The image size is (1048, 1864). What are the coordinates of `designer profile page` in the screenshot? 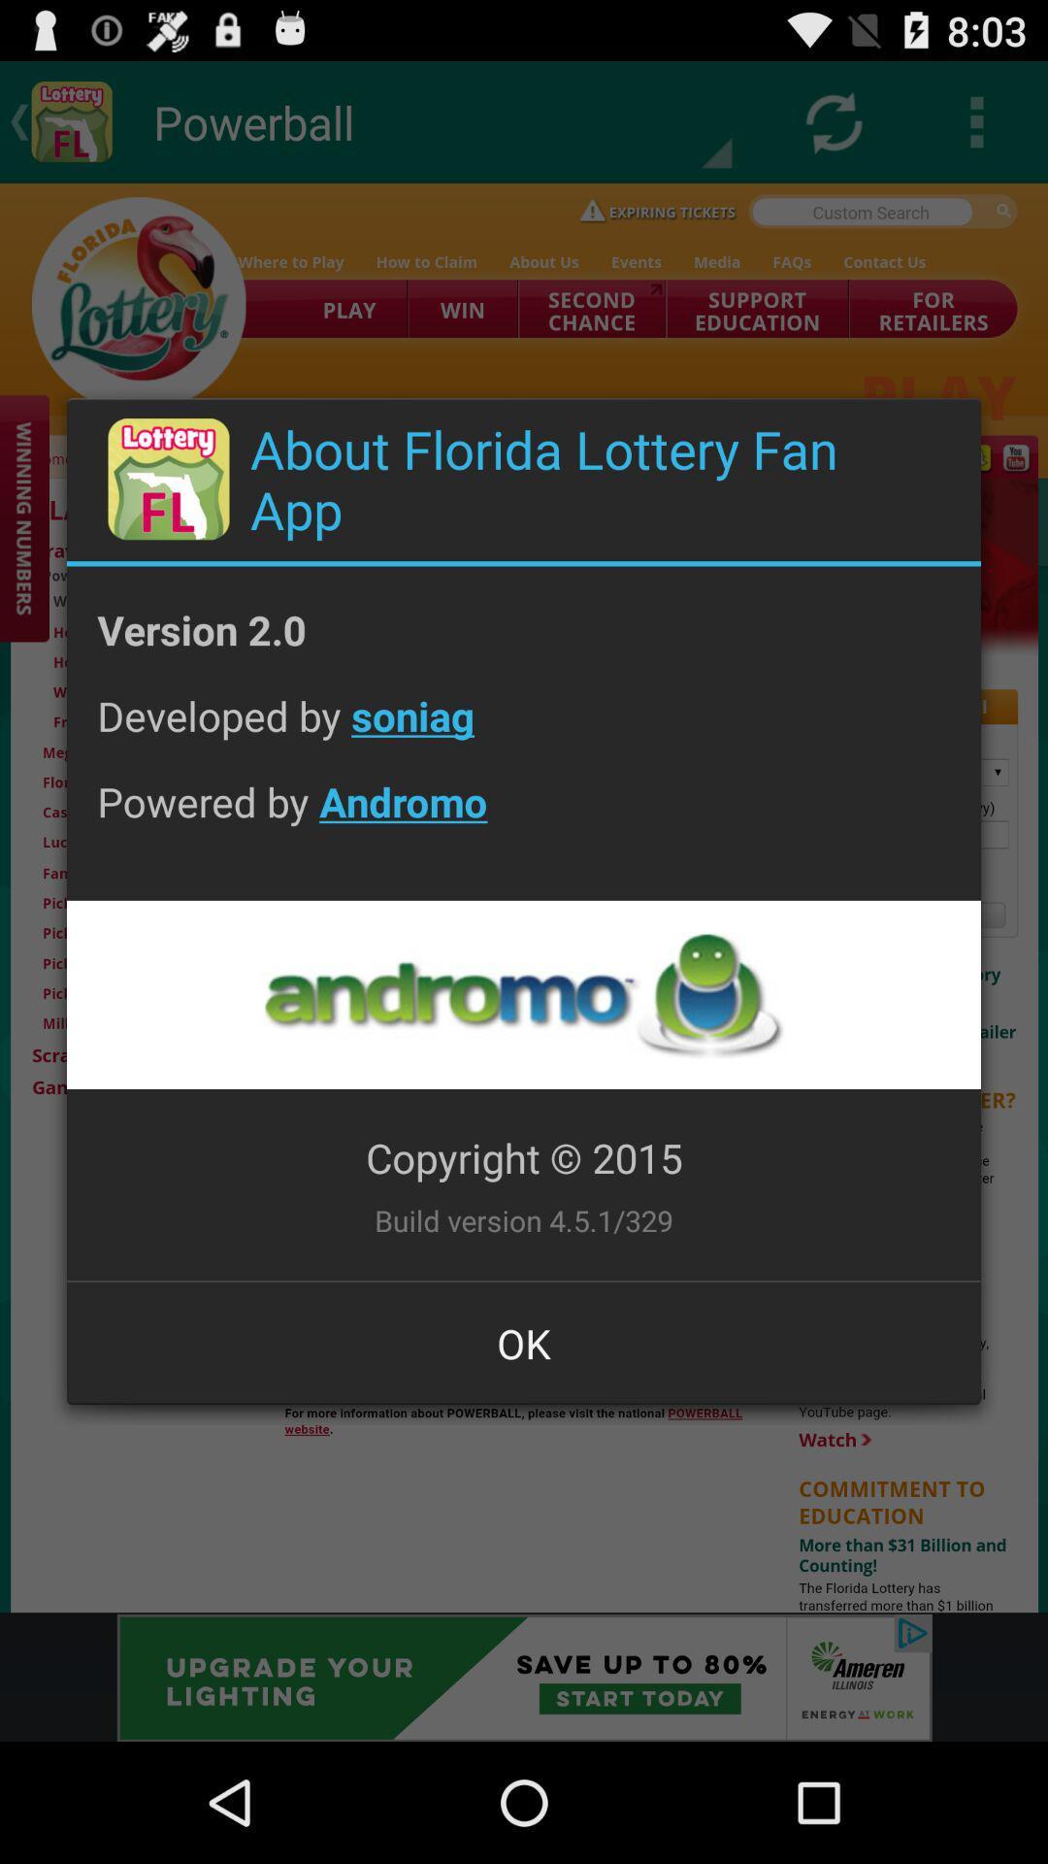 It's located at (522, 994).